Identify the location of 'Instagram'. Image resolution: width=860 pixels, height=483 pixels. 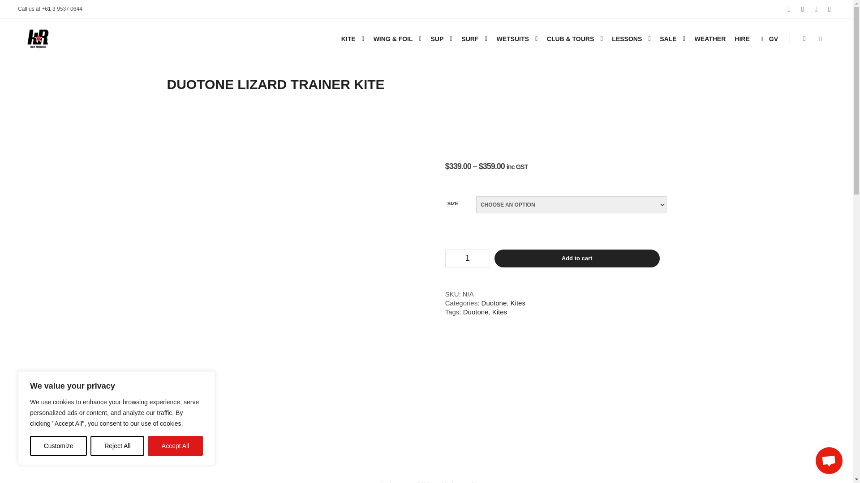
(789, 9).